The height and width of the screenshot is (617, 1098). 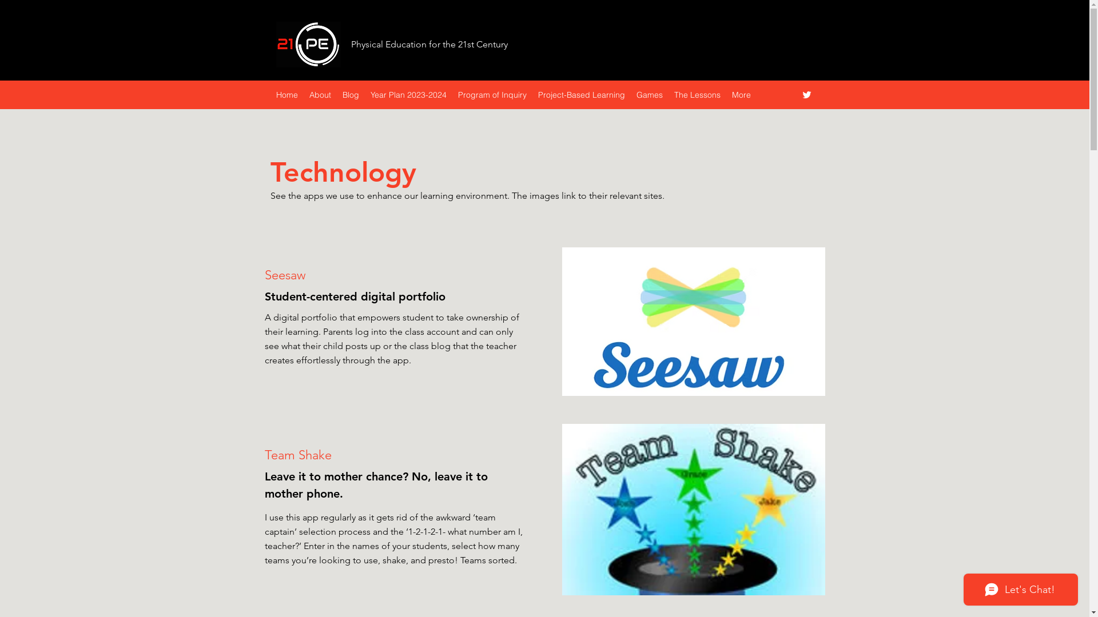 I want to click on 'Program of Inquiry', so click(x=451, y=94).